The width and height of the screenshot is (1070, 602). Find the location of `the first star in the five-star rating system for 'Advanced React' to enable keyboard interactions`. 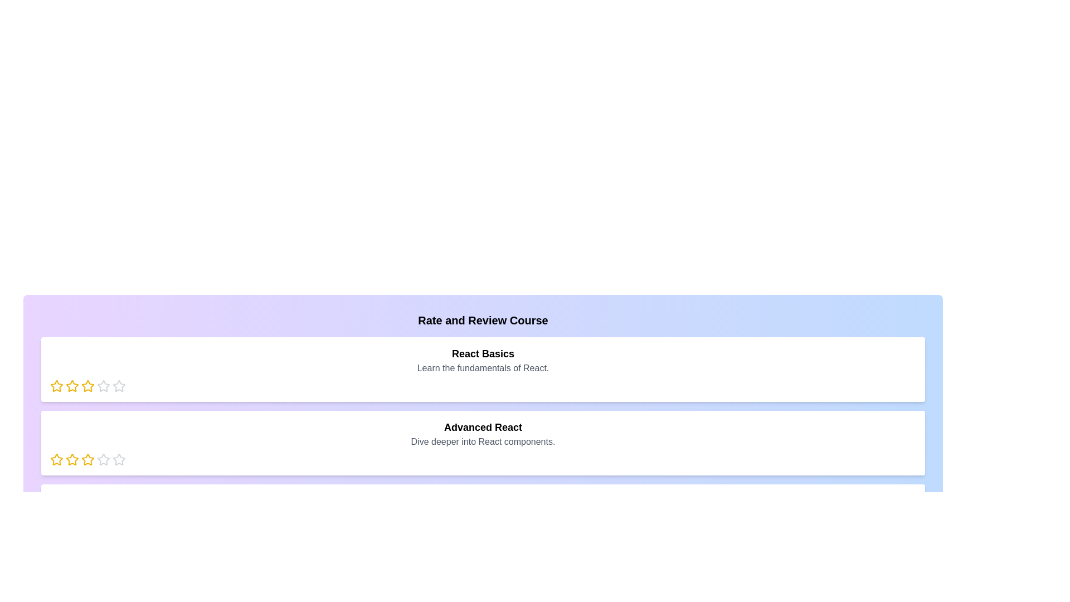

the first star in the five-star rating system for 'Advanced React' to enable keyboard interactions is located at coordinates (56, 459).